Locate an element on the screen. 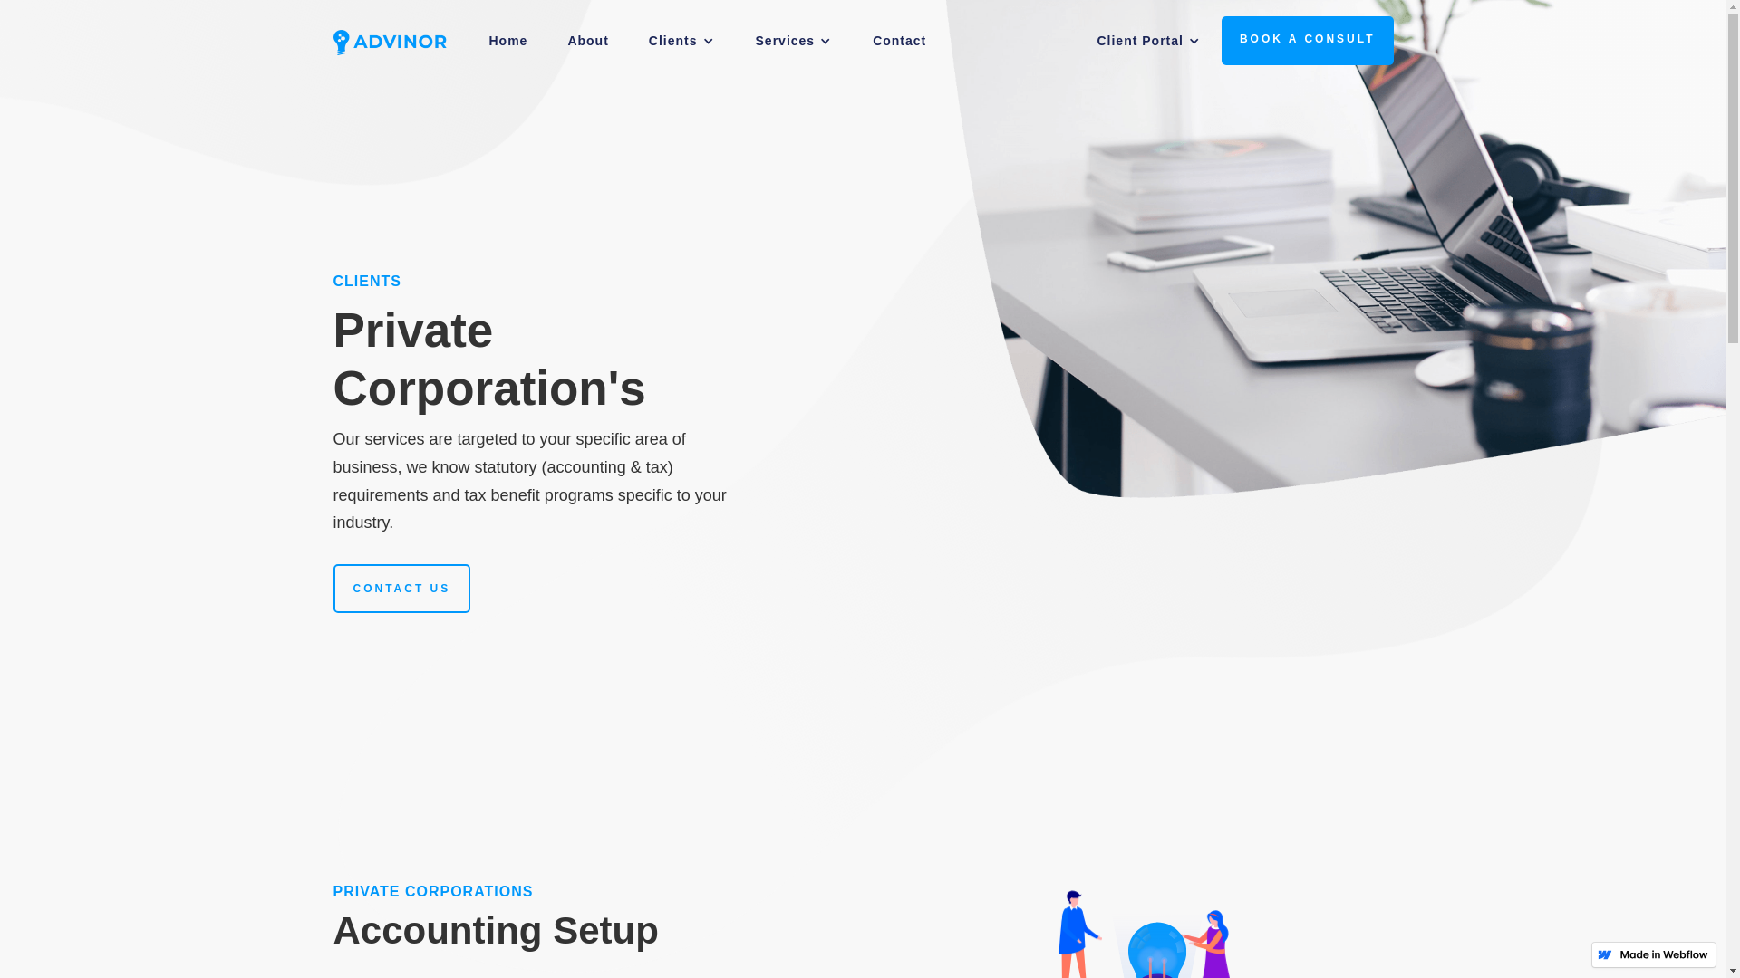 The height and width of the screenshot is (978, 1740). 'Home' is located at coordinates (507, 41).